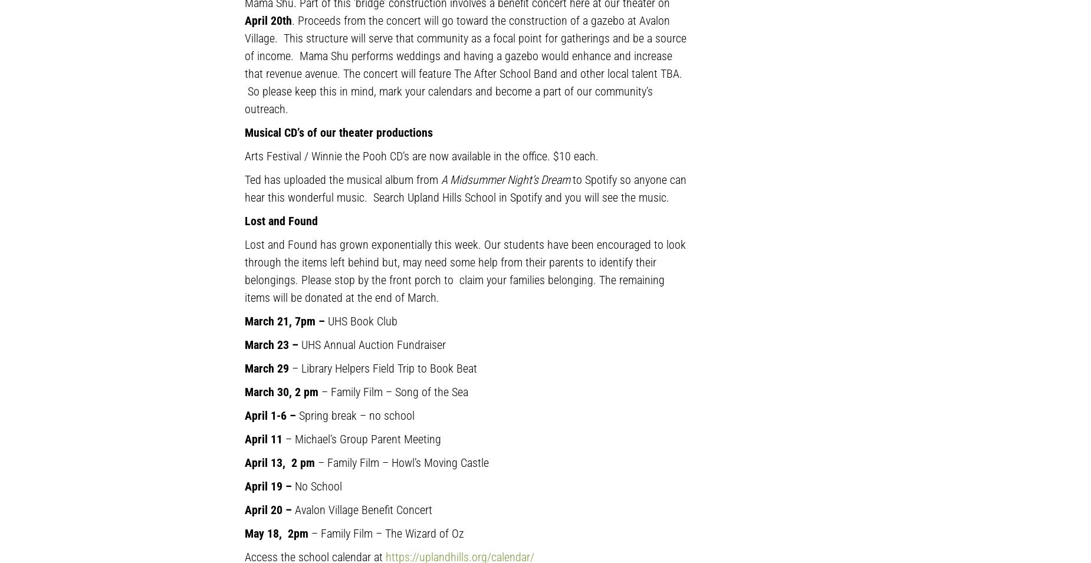 Image resolution: width=1091 pixels, height=563 pixels. What do you see at coordinates (244, 63) in the screenshot?
I see `'. Proceeds from the concert will go toward the construction of a gazebo at Avalon Village.  This structure will serve that community as a focal point for gatherings and be a source of income.  Mama Shu performs weddings and having a gazebo would enhance and increase that revenue avenue. The concert will feature The After School Band and other local talent TBA.  So please keep this in mind, mark your calendars and become a part of our community’s outreach.'` at bounding box center [244, 63].